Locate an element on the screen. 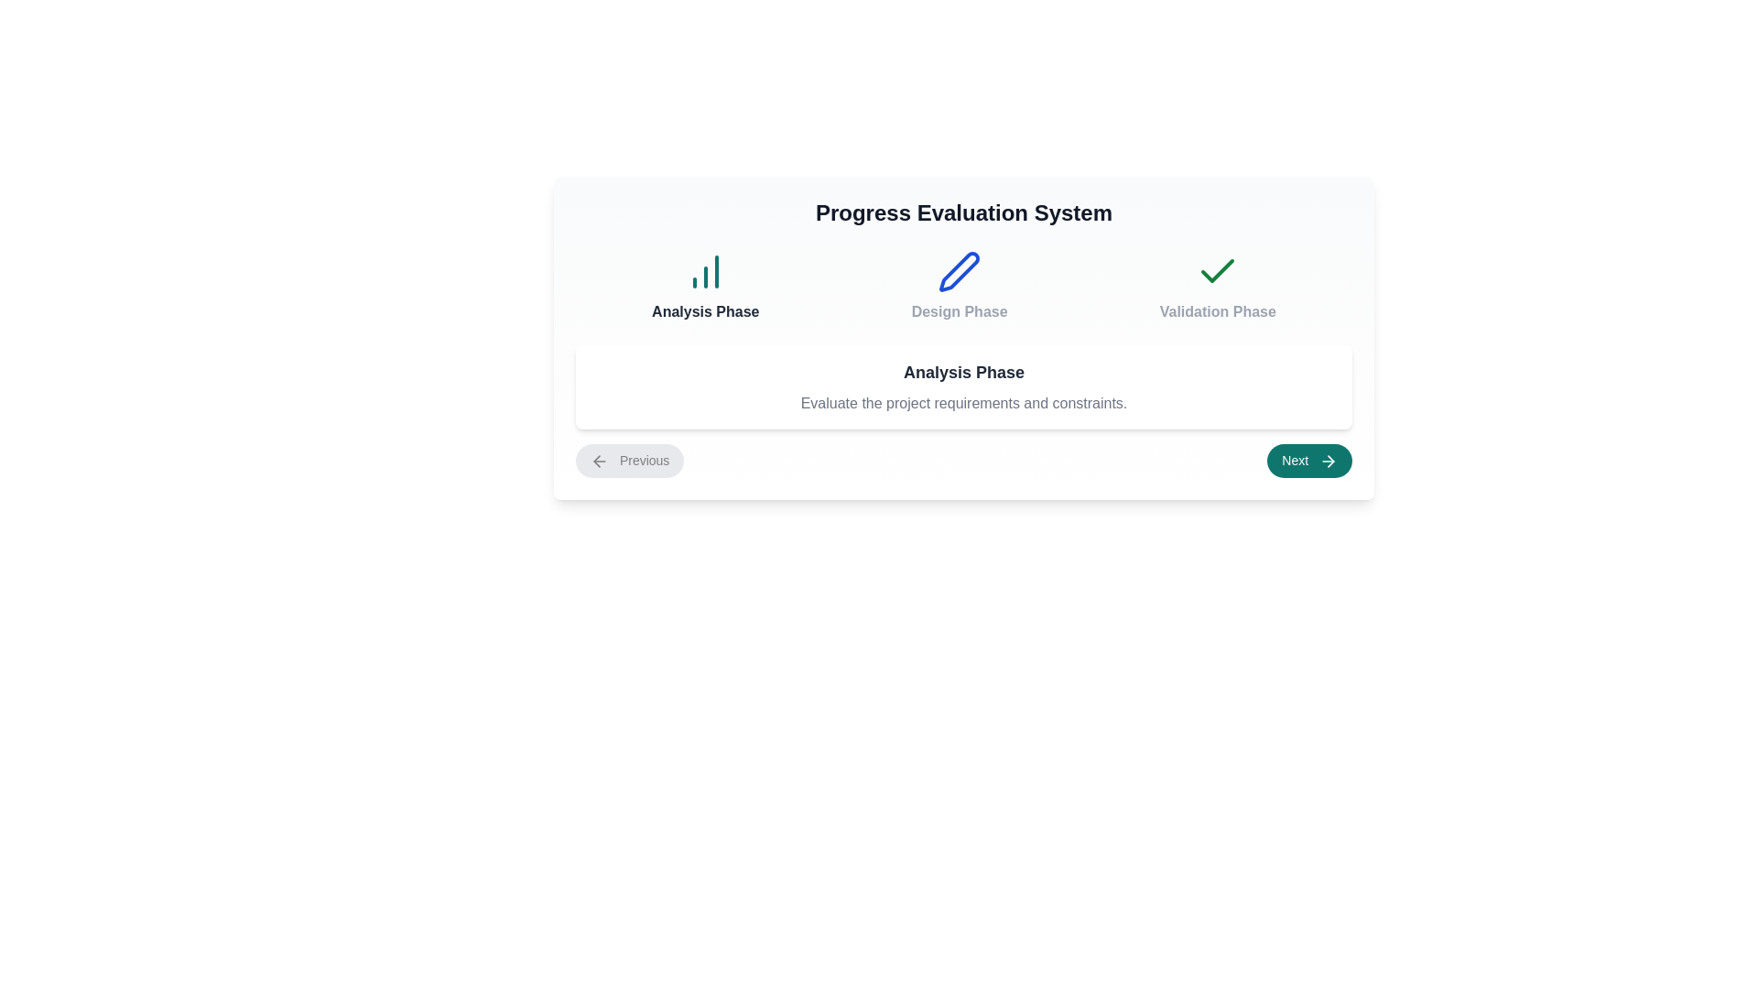 The width and height of the screenshot is (1758, 989). the Design Phase phase icon to view its details is located at coordinates (958, 286).